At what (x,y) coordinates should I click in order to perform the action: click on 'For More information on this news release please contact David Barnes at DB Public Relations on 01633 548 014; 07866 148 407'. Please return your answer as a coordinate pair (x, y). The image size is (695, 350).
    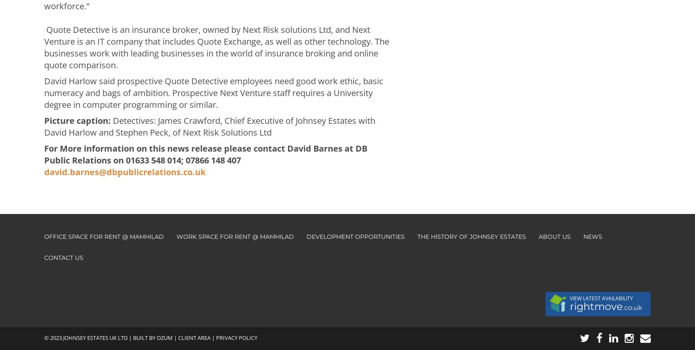
    Looking at the image, I should click on (205, 154).